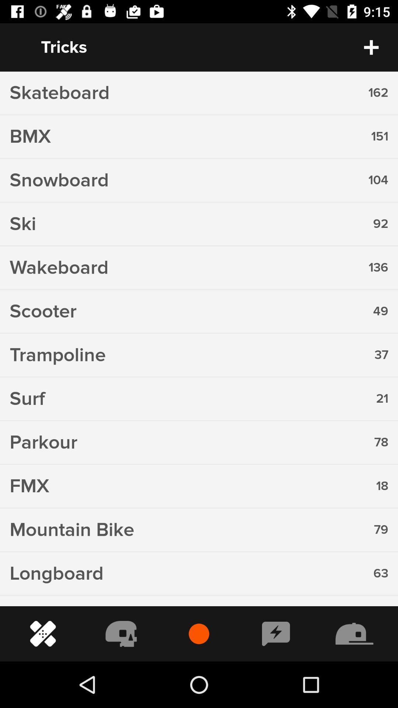 The image size is (398, 708). I want to click on the add icon, so click(371, 47).